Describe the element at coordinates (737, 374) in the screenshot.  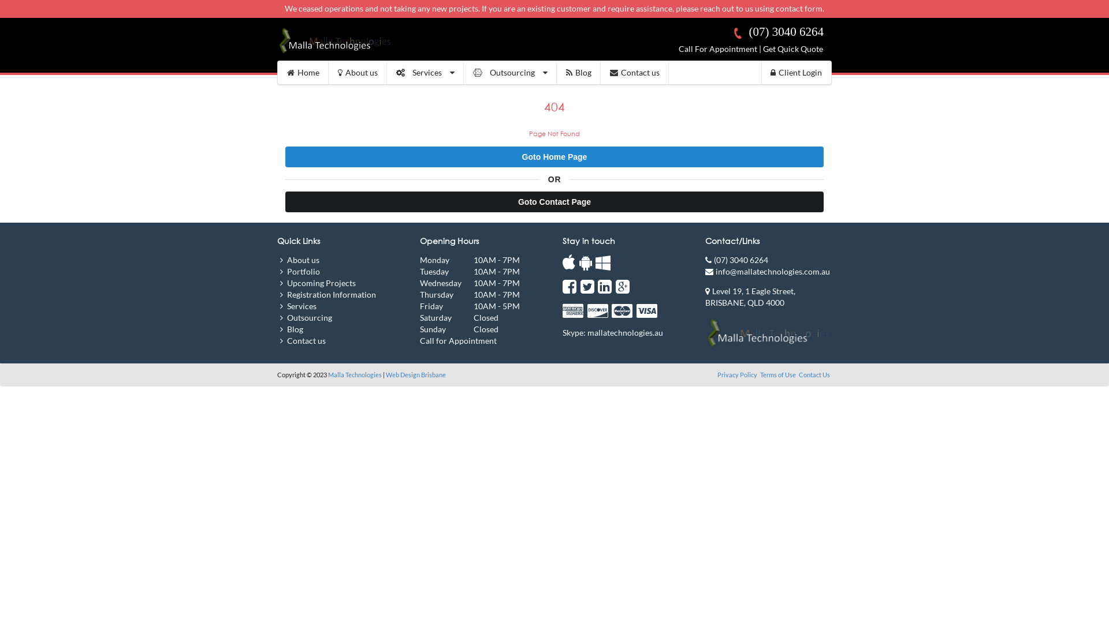
I see `'Privacy Policy'` at that location.